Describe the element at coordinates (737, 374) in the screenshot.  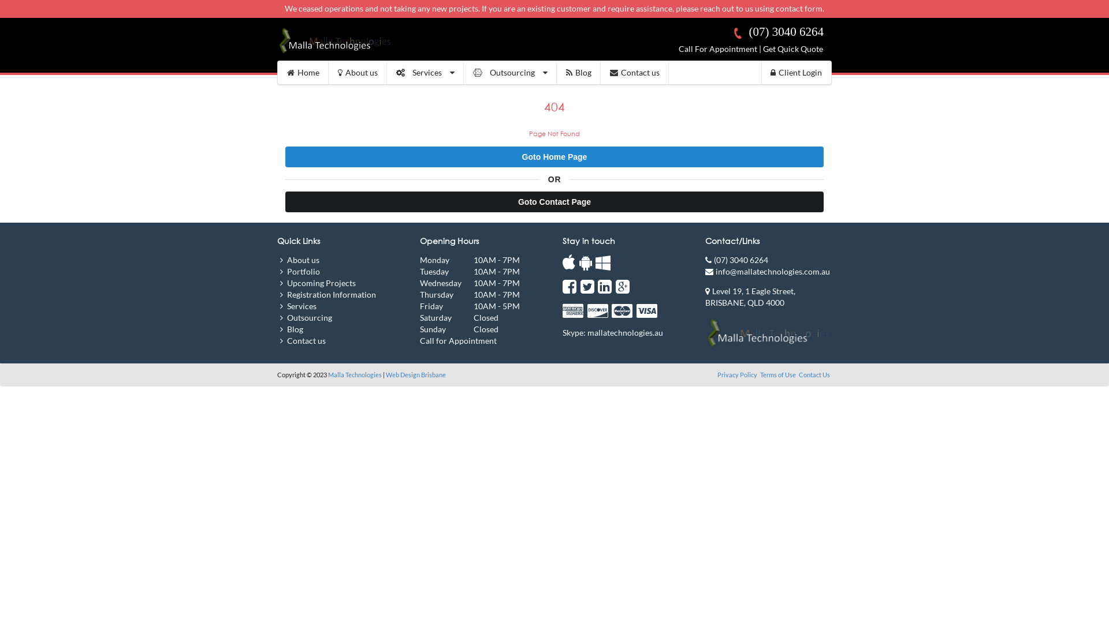
I see `'Privacy Policy'` at that location.